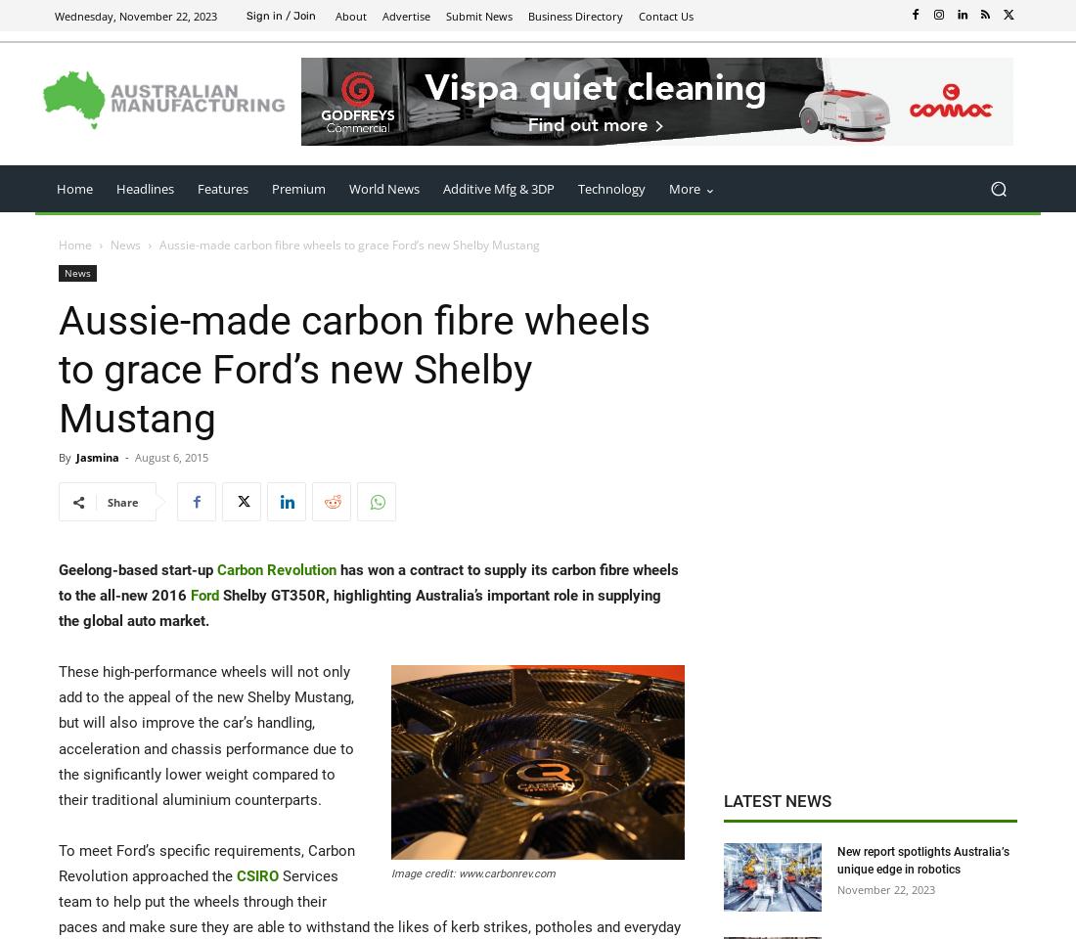  What do you see at coordinates (135, 14) in the screenshot?
I see `'Wednesday, November 22, 2023'` at bounding box center [135, 14].